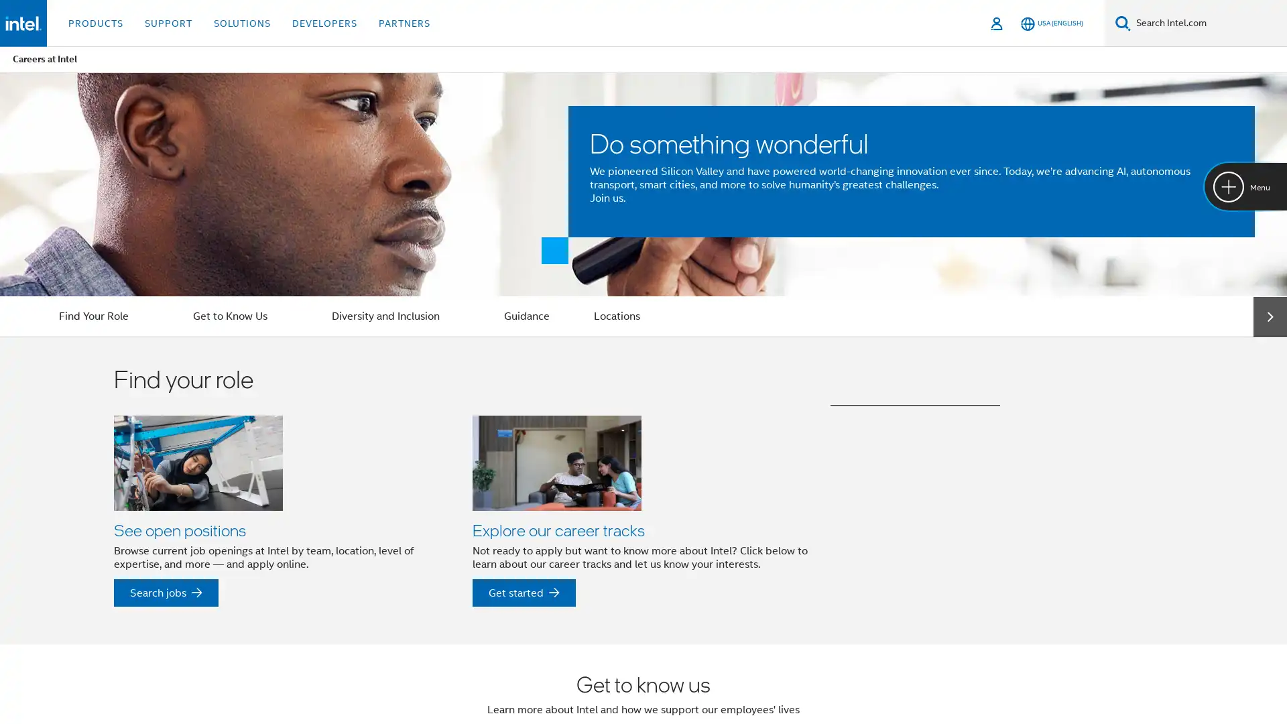 This screenshot has width=1287, height=724. I want to click on Find your role See open positions Browse current job openings at Intel by team, location, level of expertise, and more  and apply online. See open positions Search jobs Explore our career tracks Not ready to apply but want to know more about Intel? Click below to learn about our career tracks and let us know your interests. Explore our career tracks Get started See our Rotation Opportunities Discover more about our rotational opportunities for Interns and college graduates. See our Rotation Opportunities Find out more, so click(643, 491).